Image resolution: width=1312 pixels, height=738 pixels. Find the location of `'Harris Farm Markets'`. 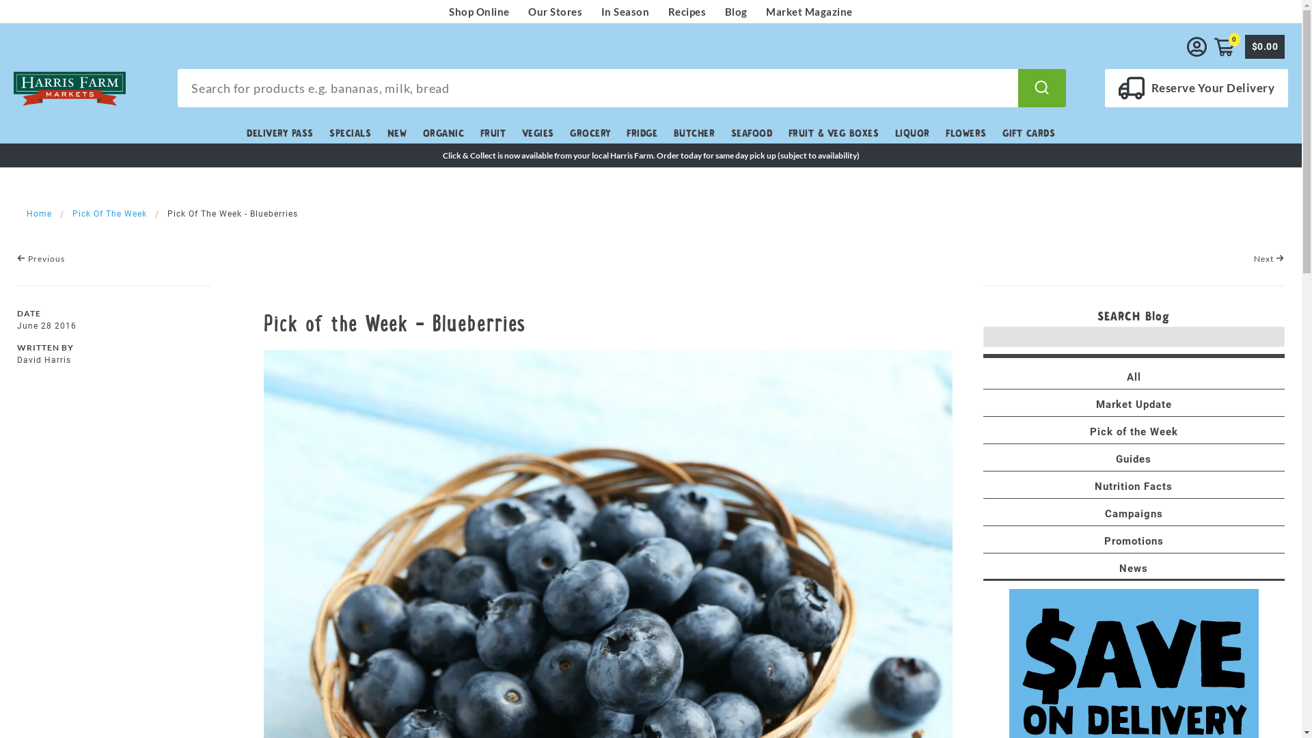

'Harris Farm Markets' is located at coordinates (68, 88).